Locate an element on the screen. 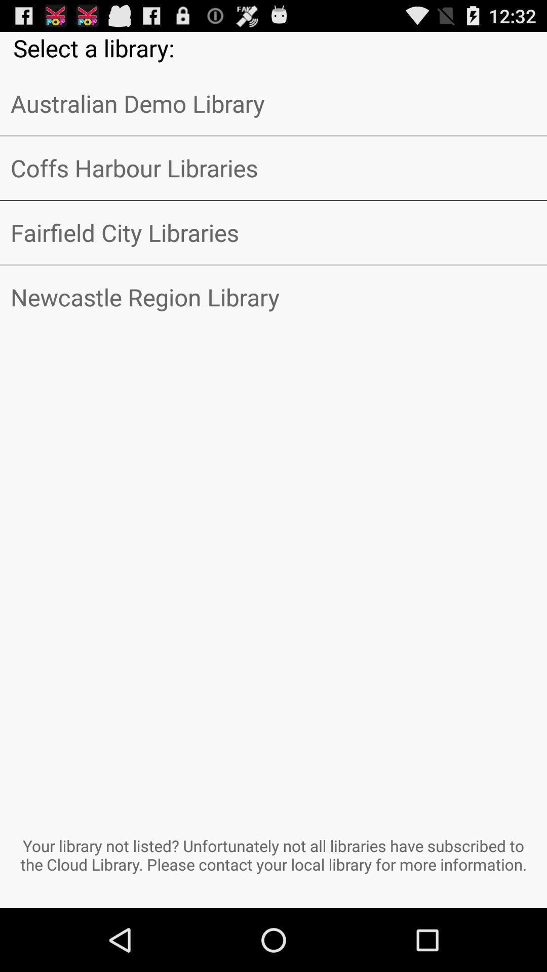  the item below the coffs harbour libraries item is located at coordinates (273, 232).